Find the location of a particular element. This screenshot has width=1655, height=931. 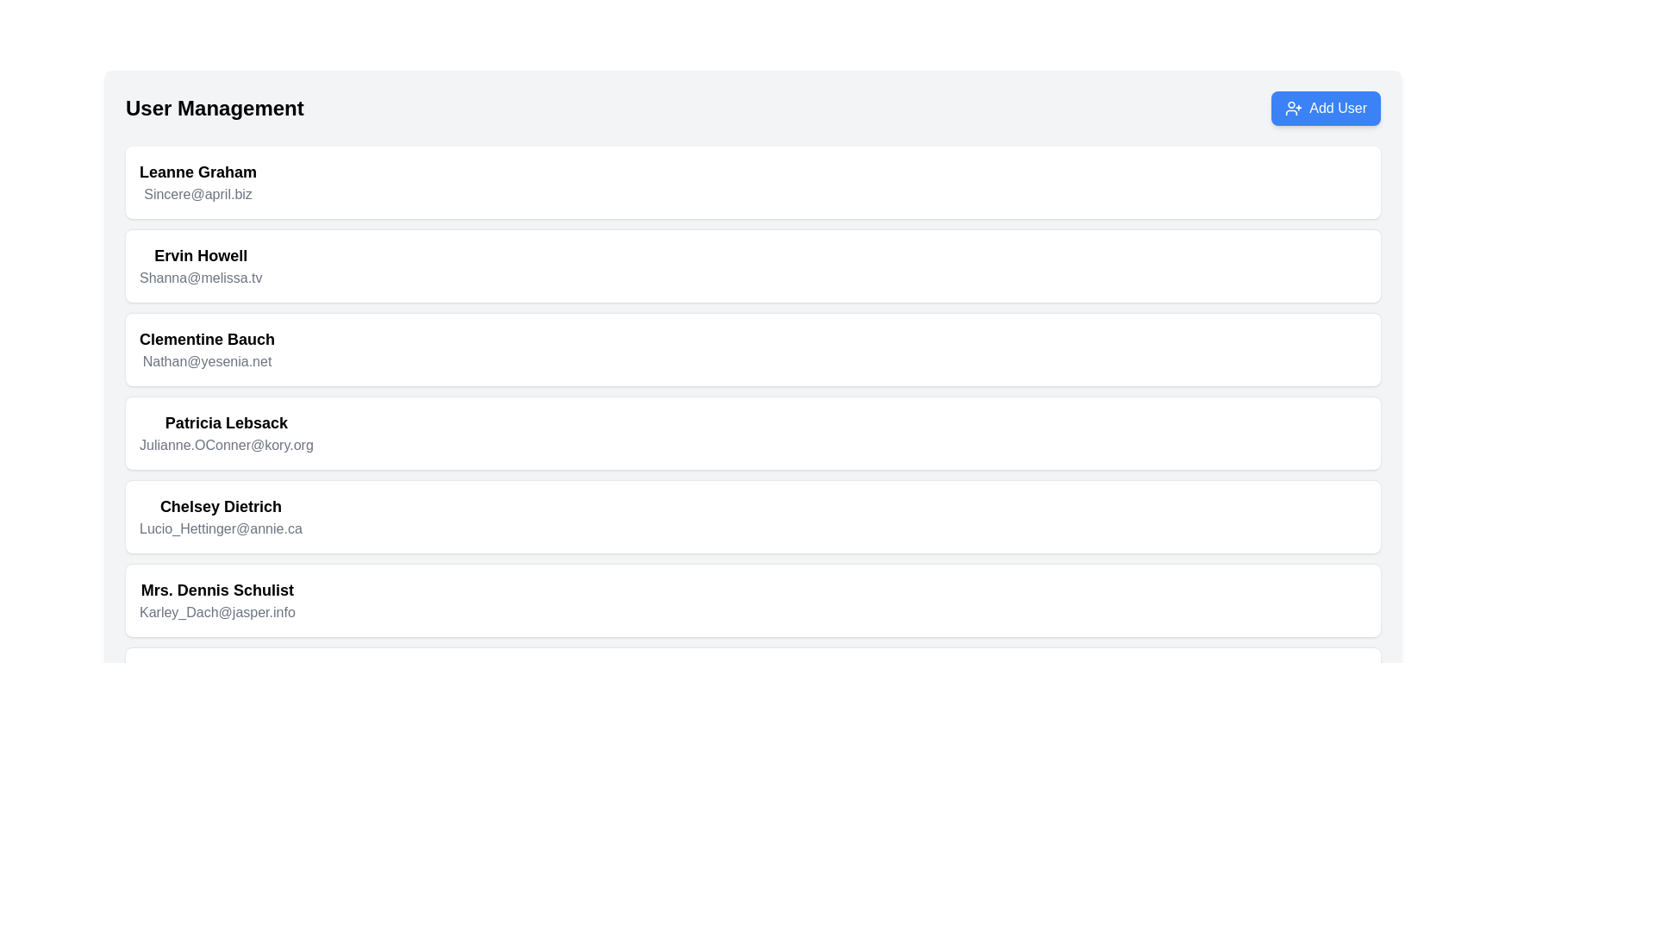

the text label displaying the email address 'Karley_Dach@jasper.info', which is styled in gray font and located below the name 'Mrs. Dennis Schulist' on the user information card is located at coordinates (216, 611).